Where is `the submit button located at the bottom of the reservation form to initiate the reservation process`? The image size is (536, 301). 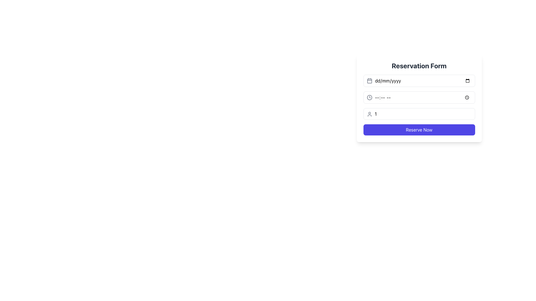 the submit button located at the bottom of the reservation form to initiate the reservation process is located at coordinates (419, 130).